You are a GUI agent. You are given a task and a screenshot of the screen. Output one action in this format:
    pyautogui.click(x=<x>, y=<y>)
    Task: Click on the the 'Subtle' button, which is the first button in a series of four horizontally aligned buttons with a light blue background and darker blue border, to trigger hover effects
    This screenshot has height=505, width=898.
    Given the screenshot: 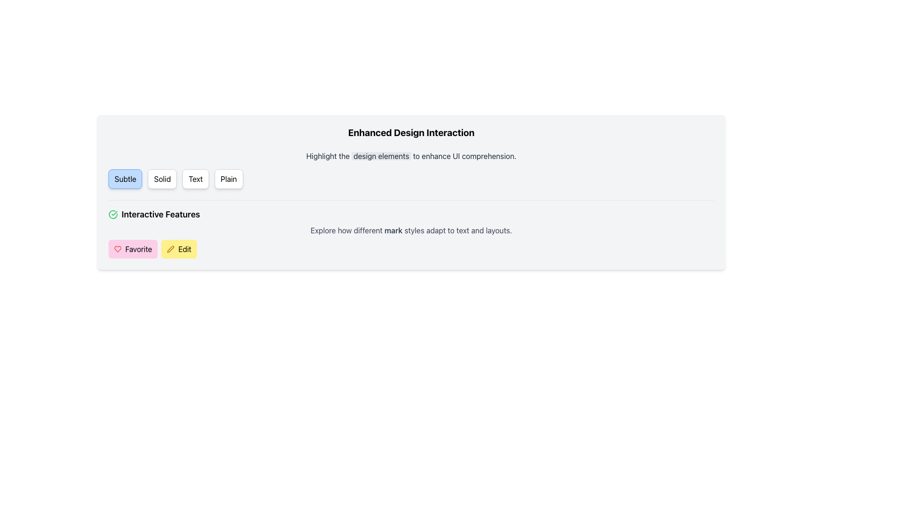 What is the action you would take?
    pyautogui.click(x=125, y=179)
    